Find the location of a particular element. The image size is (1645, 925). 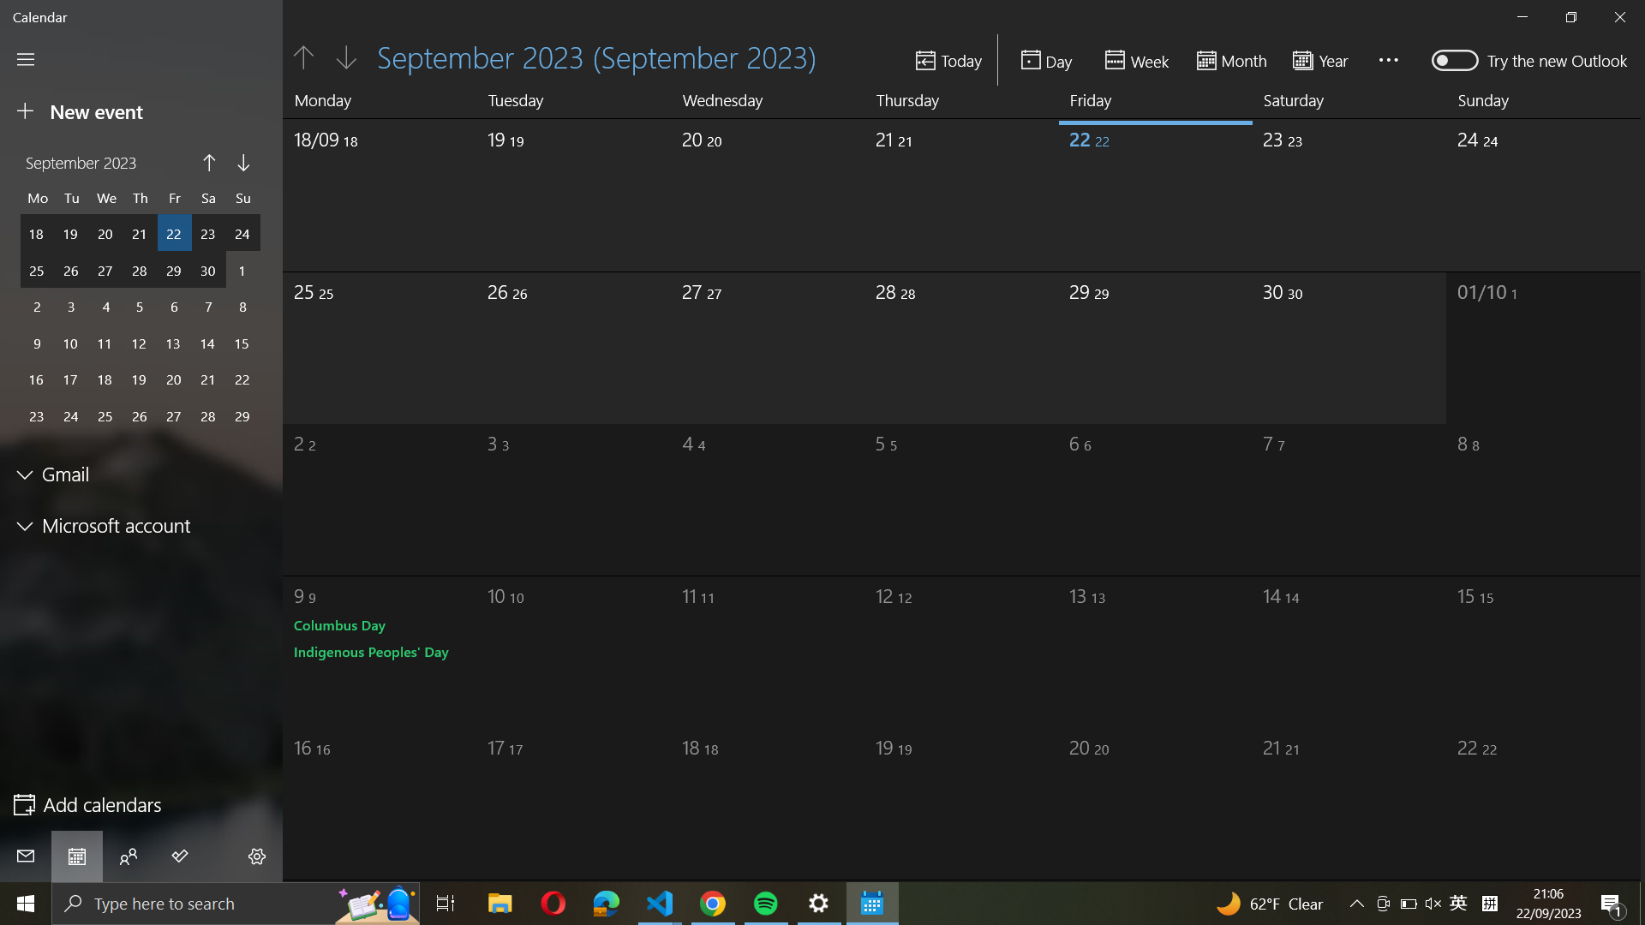

View the emails linked to this specific calendar is located at coordinates (142, 474).